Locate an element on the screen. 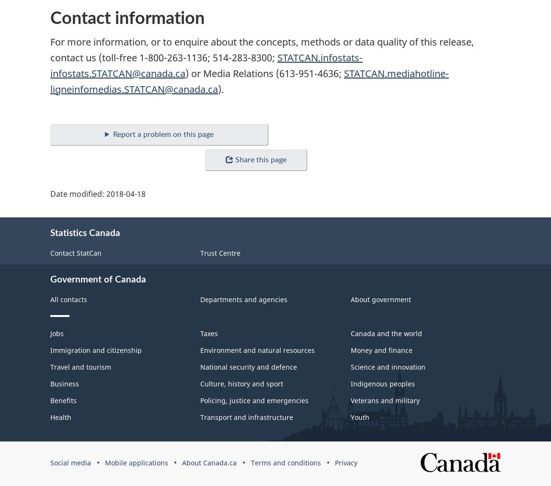 The image size is (551, 486). 'Indigenous peoples' is located at coordinates (381, 383).